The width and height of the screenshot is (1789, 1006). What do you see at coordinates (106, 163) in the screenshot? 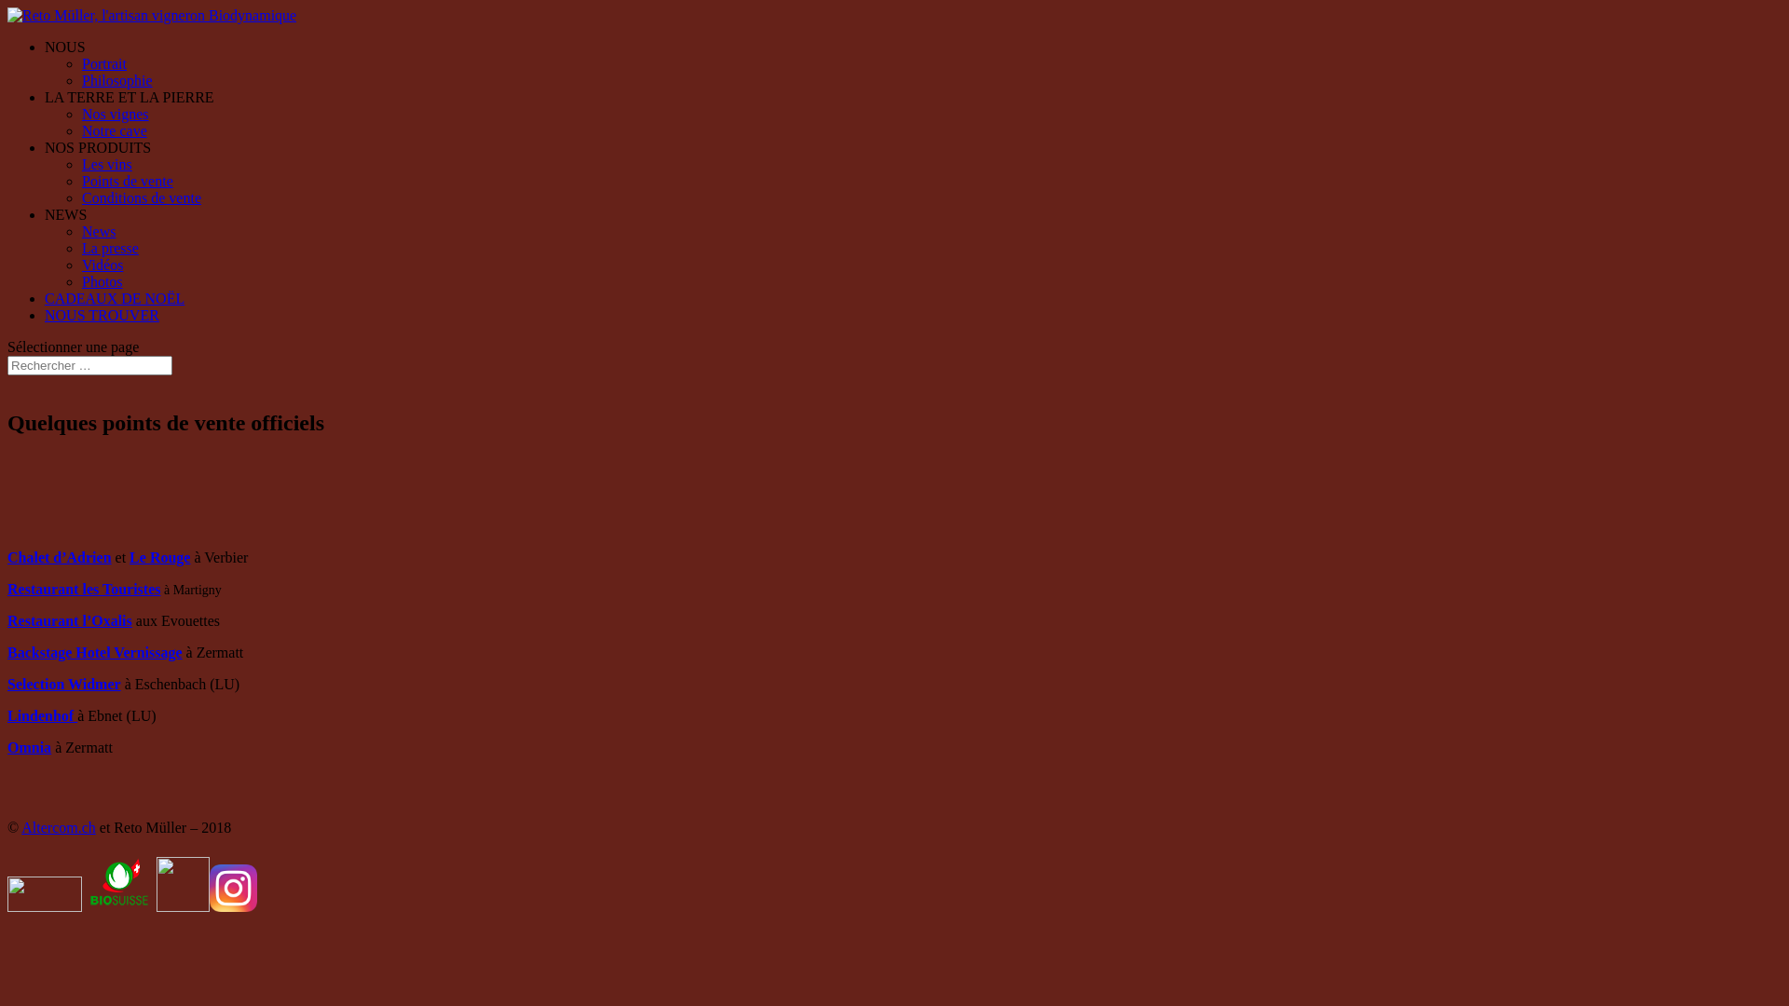
I see `'Les vins'` at bounding box center [106, 163].